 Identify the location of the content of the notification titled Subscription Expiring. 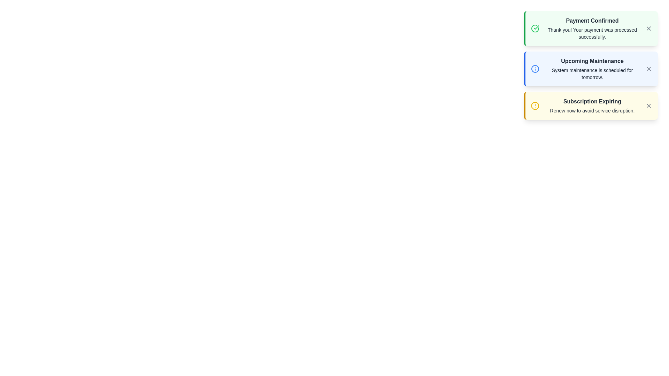
(592, 106).